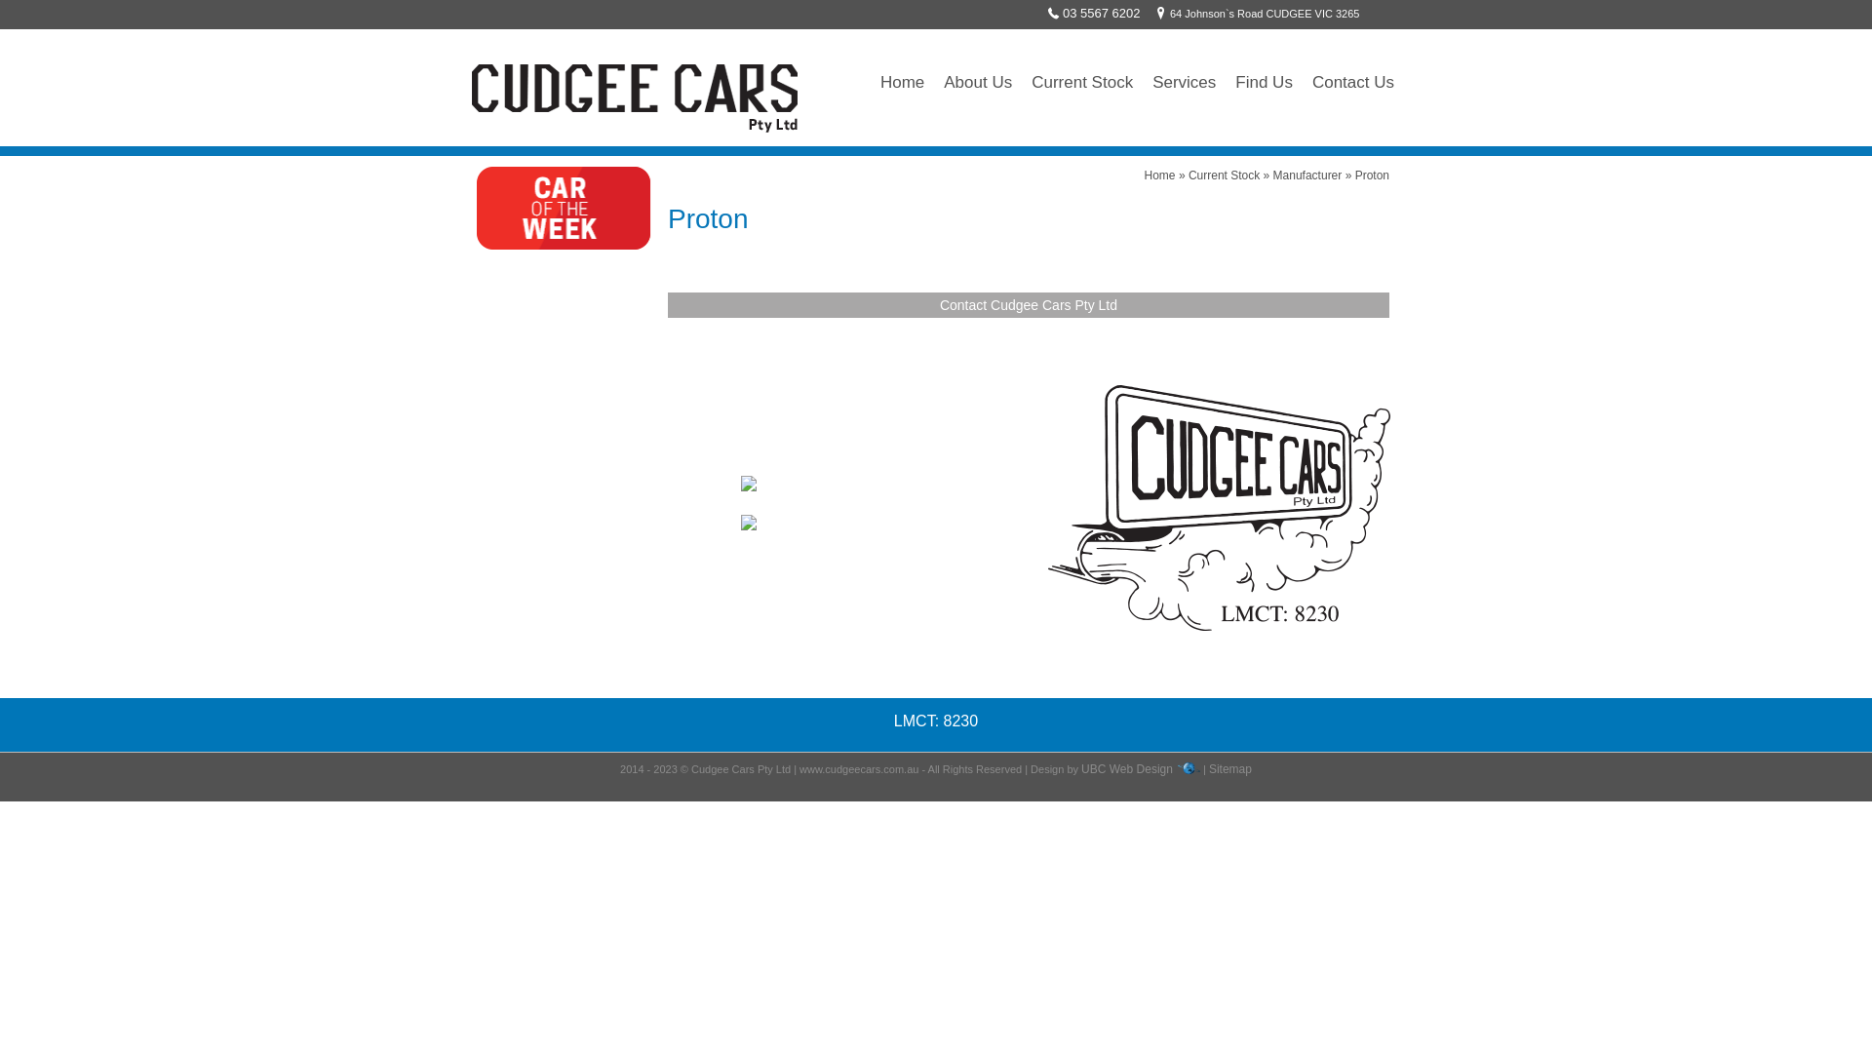  I want to click on 'Services', so click(1142, 81).